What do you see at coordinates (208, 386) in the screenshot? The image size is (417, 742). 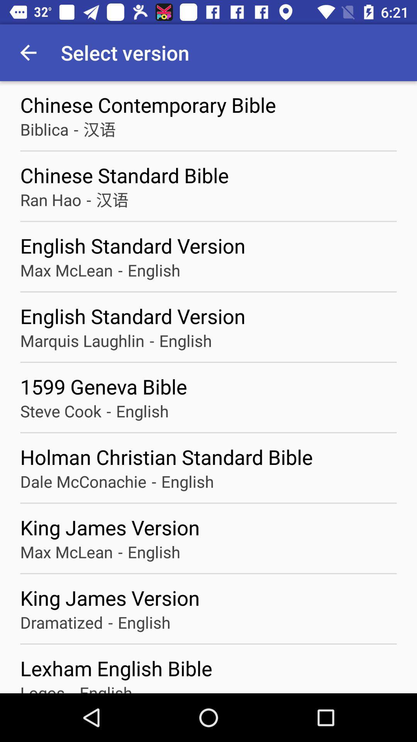 I see `1599 geneva bible` at bounding box center [208, 386].